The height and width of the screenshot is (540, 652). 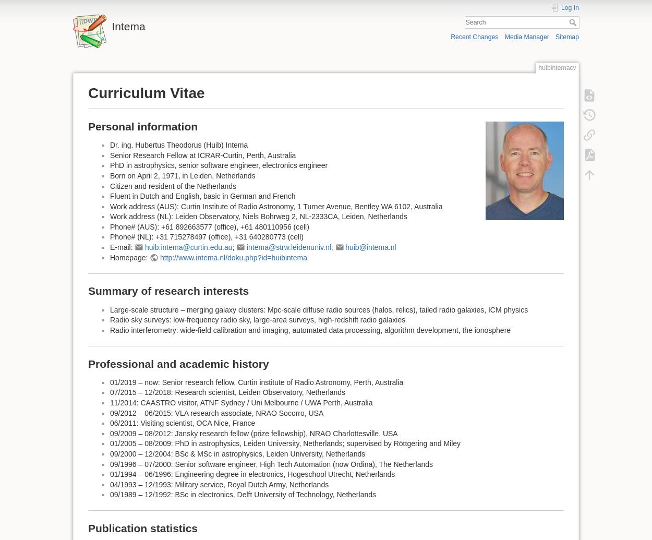 I want to click on '01/1994 – 06/1996: Engineering degree in electronics, Hogeschool Utrecht, Netherlands', so click(x=110, y=474).